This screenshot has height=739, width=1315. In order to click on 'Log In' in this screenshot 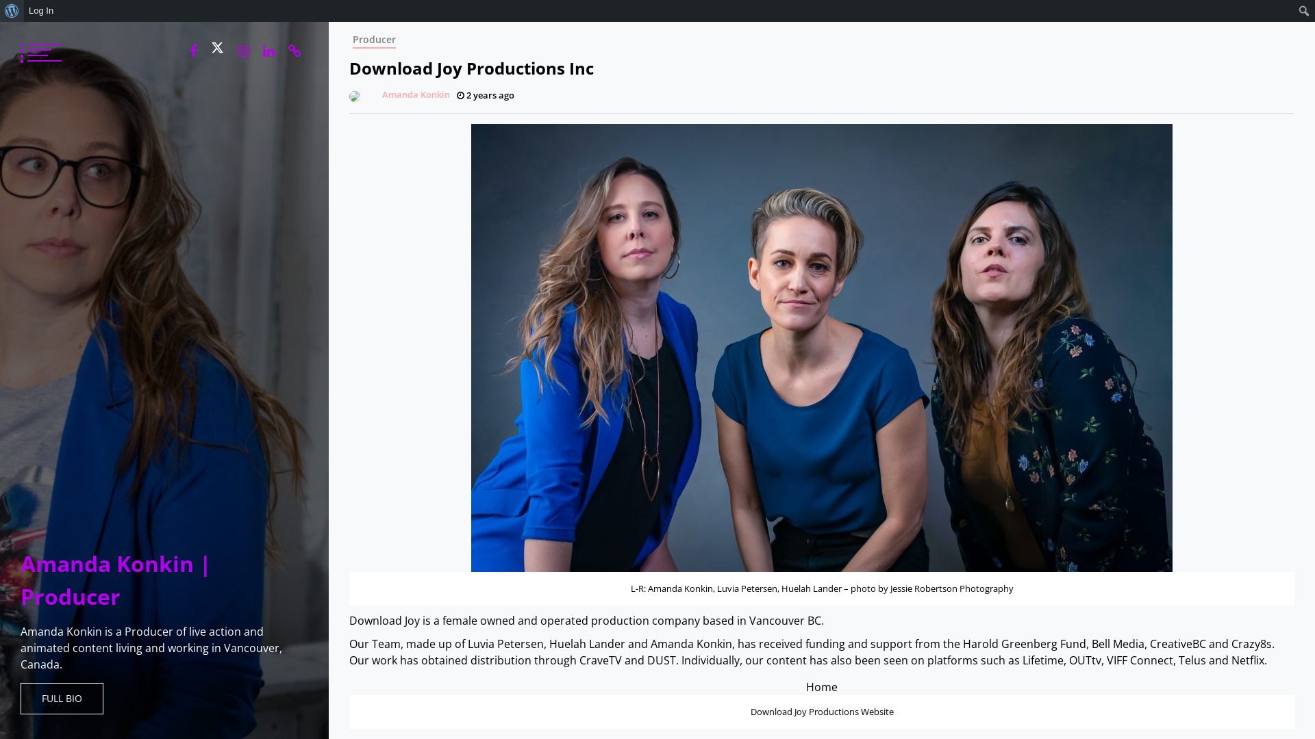, I will do `click(41, 10)`.